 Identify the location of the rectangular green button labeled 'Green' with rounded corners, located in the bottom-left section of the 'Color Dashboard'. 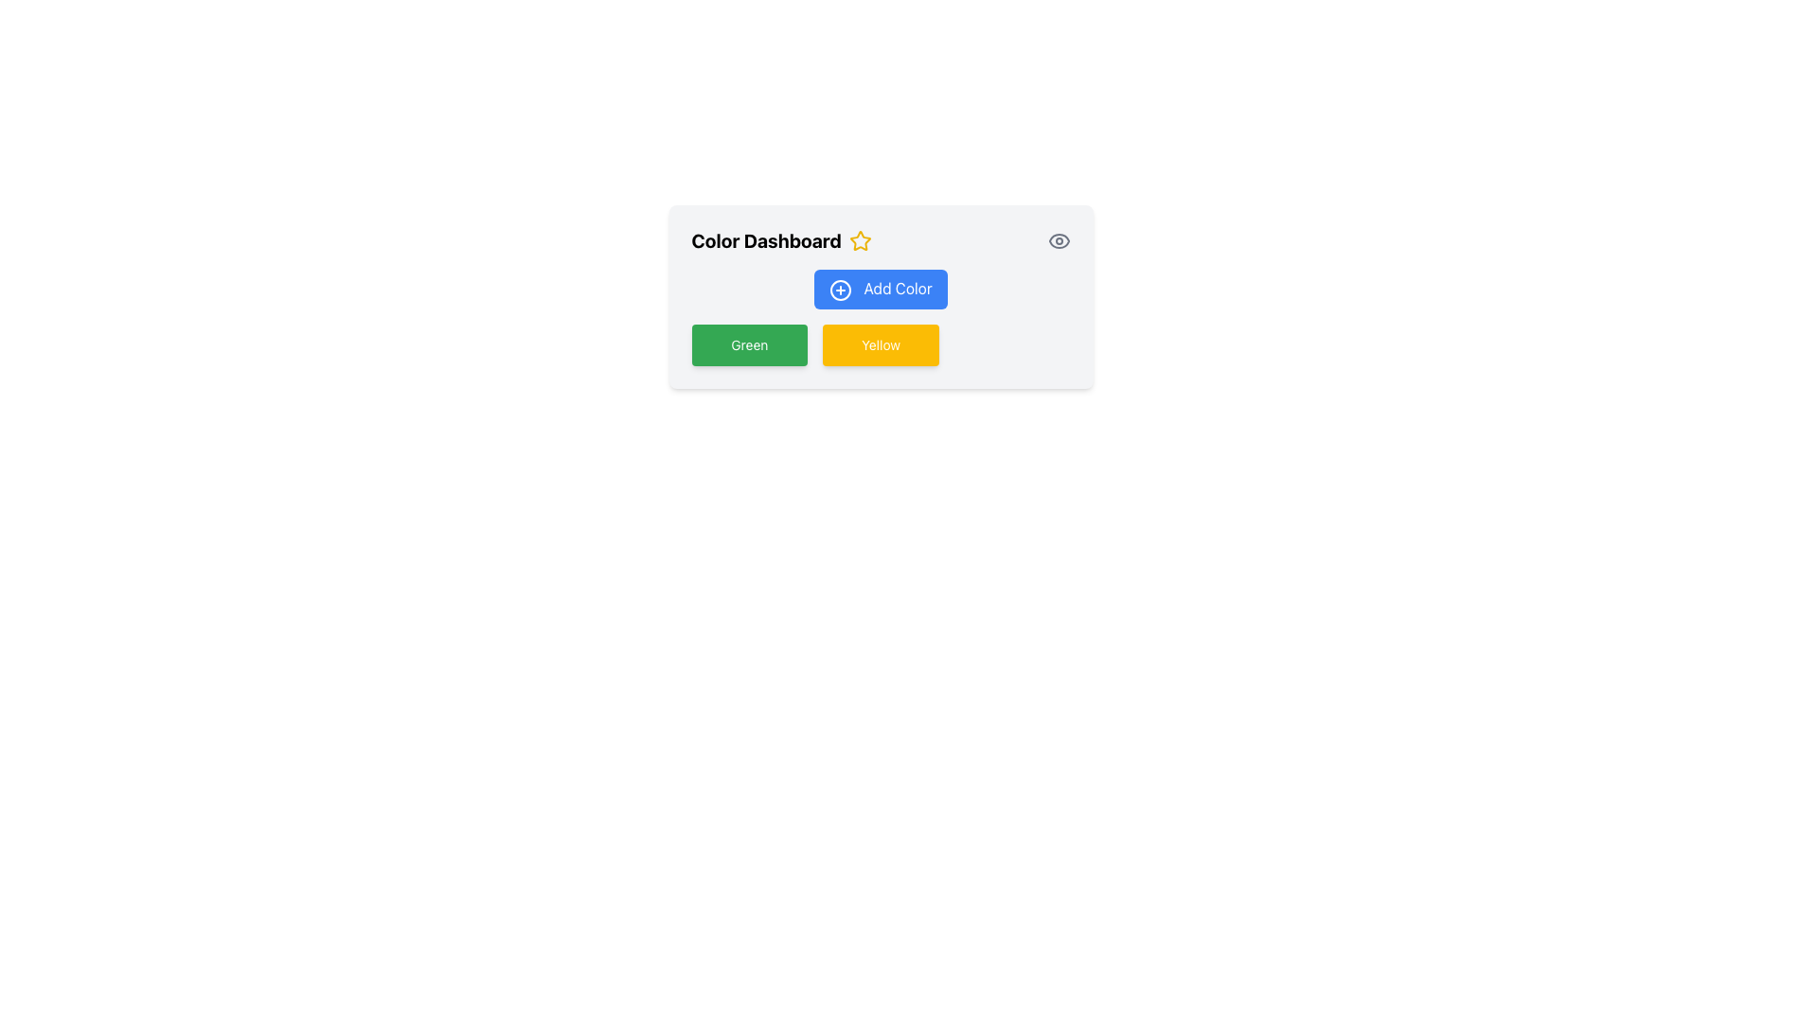
(748, 344).